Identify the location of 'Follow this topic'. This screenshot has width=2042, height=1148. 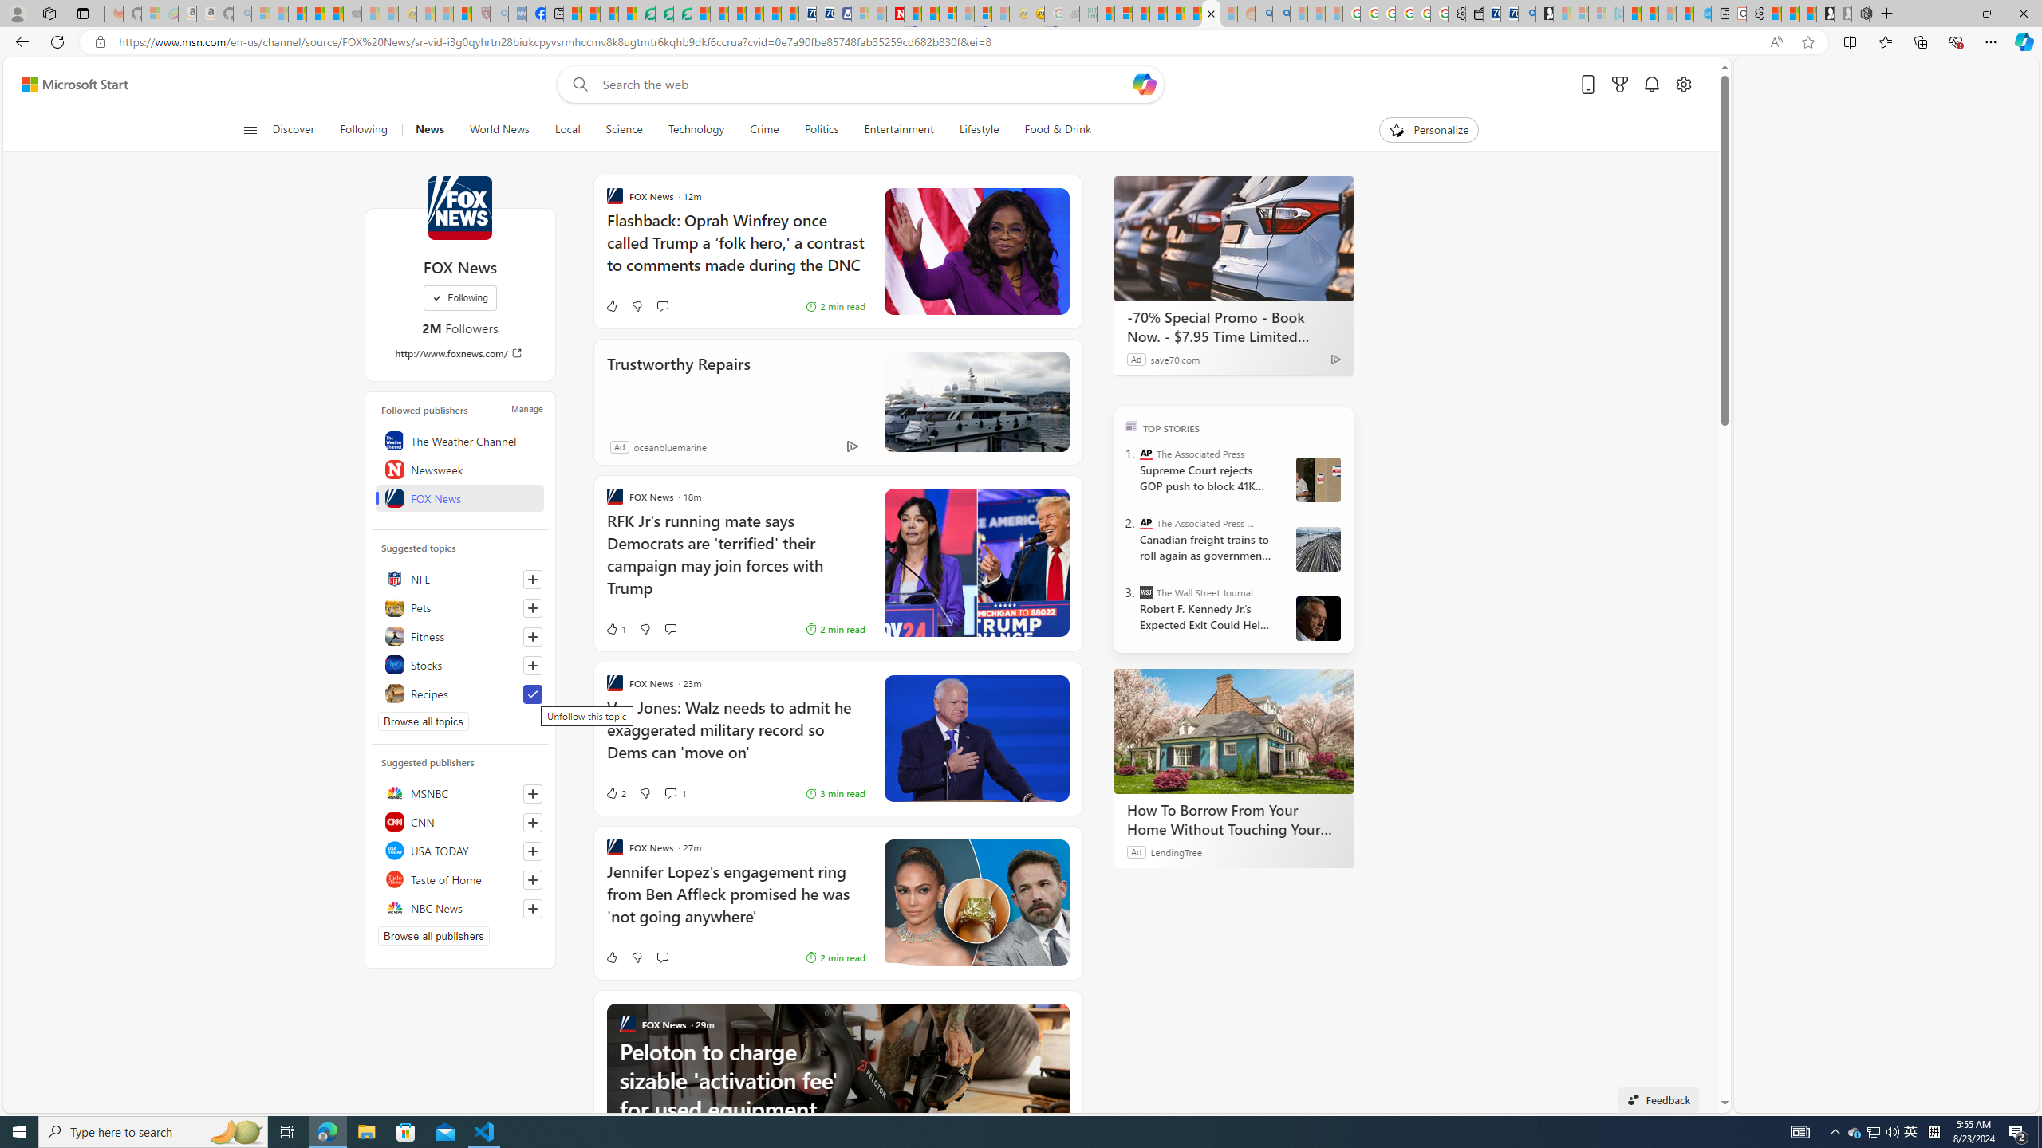
(533, 665).